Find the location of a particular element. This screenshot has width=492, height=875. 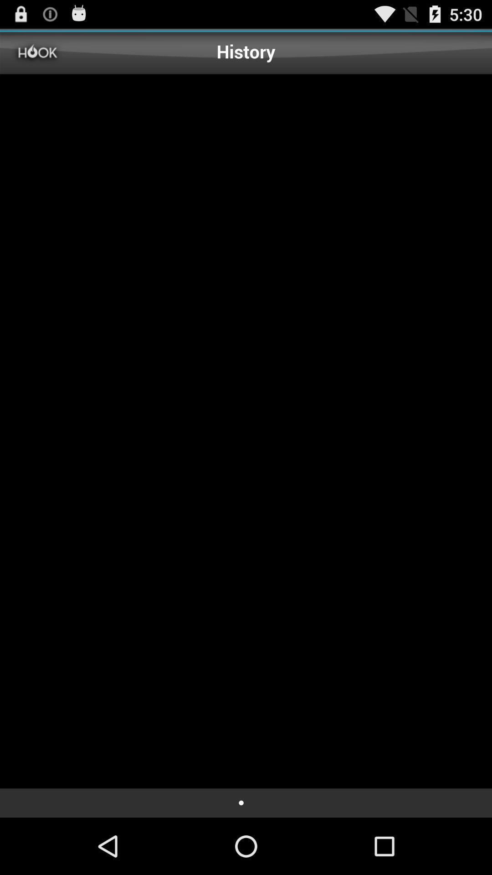

icon at the center is located at coordinates (246, 431).